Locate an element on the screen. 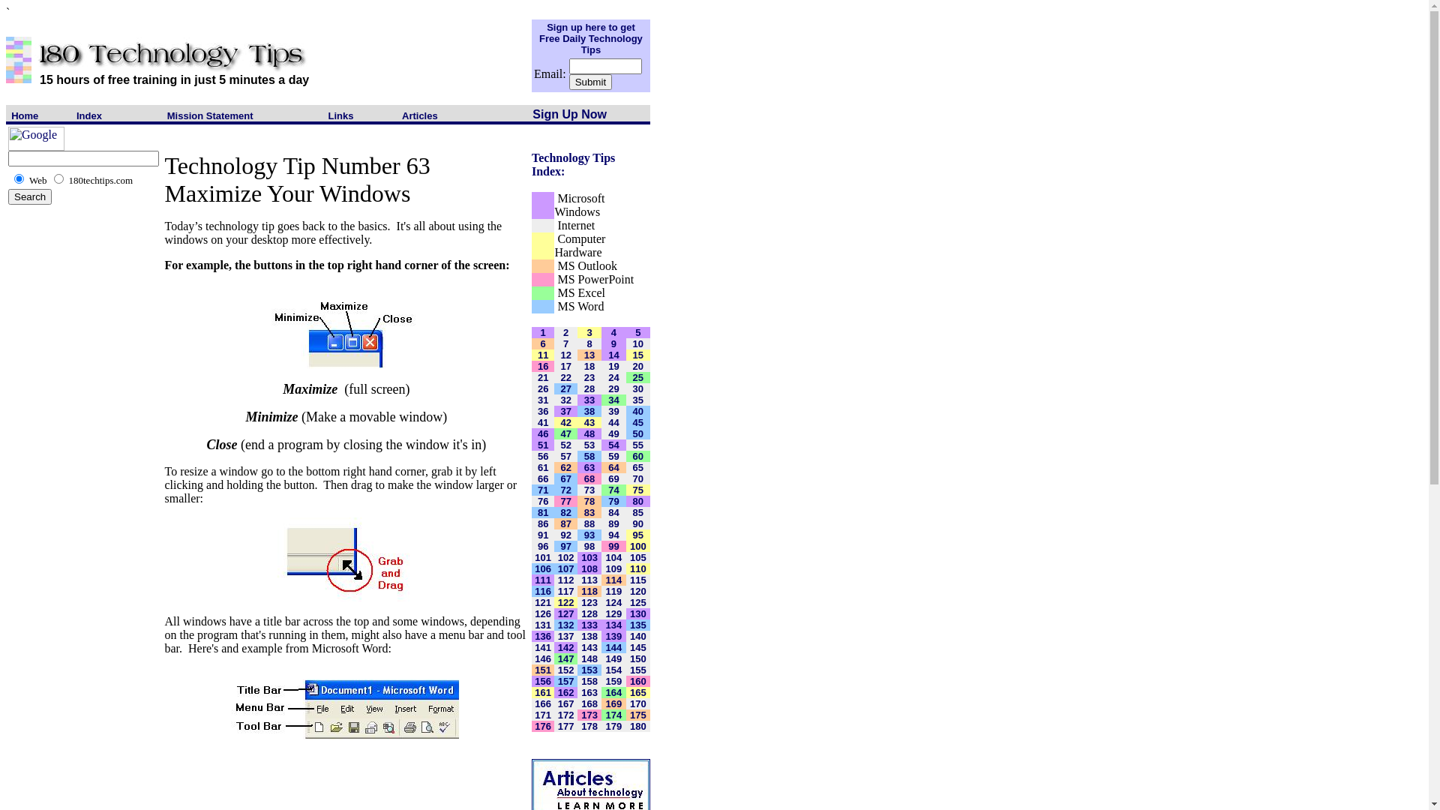  '140' is located at coordinates (637, 635).